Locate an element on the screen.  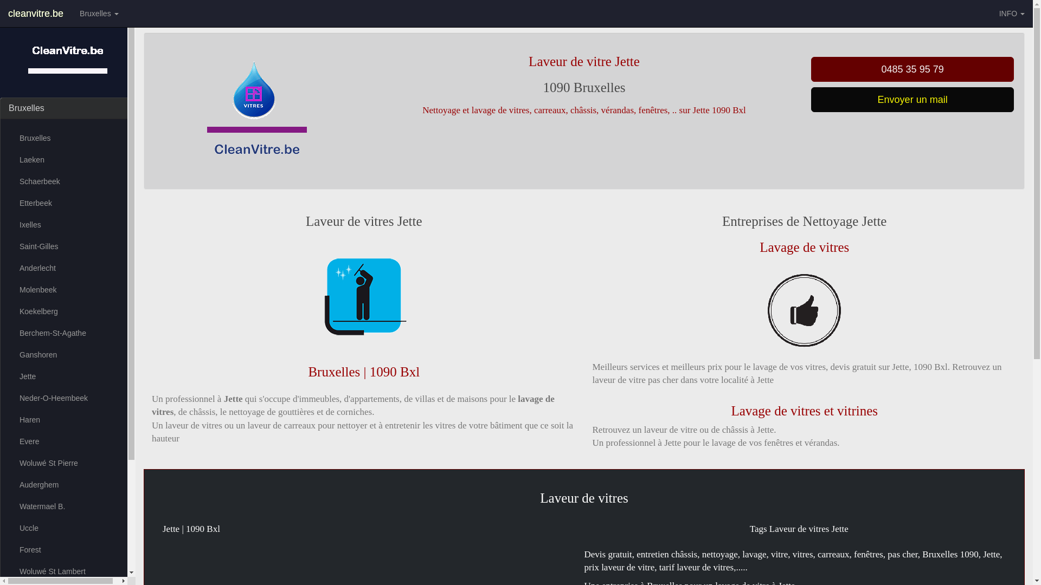
'Ixelles' is located at coordinates (67, 224).